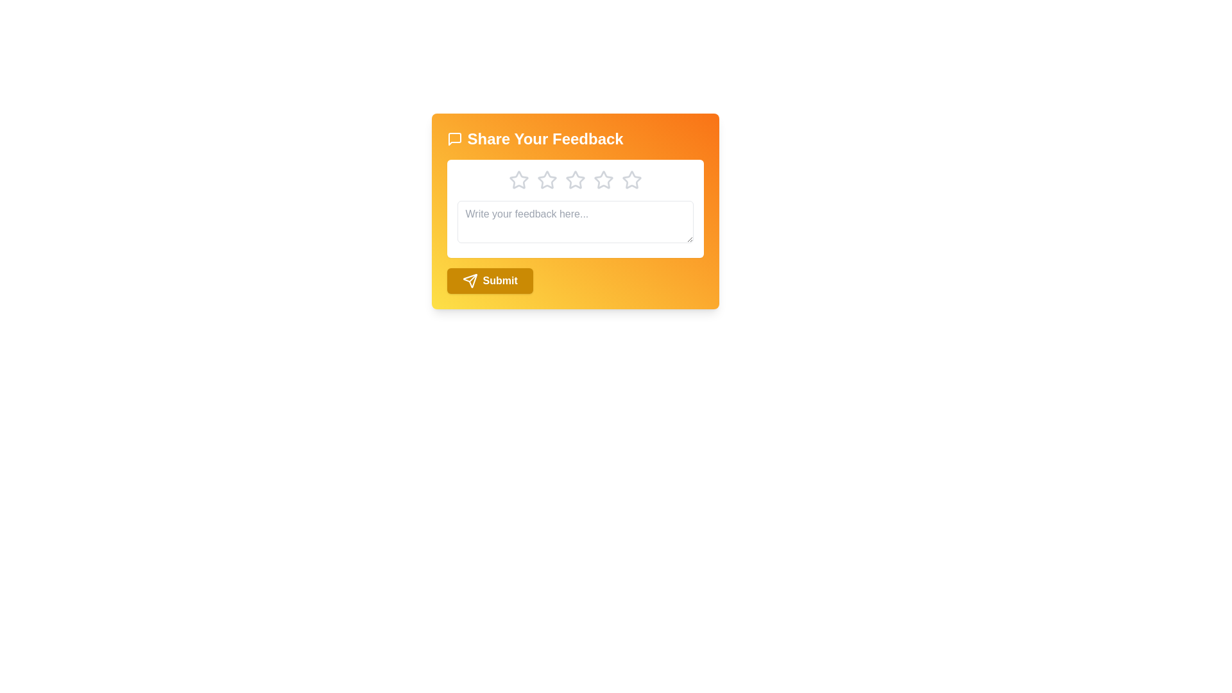 Image resolution: width=1232 pixels, height=693 pixels. What do you see at coordinates (469, 280) in the screenshot?
I see `the icon located within the Submit button at the bottom left of the feedback form` at bounding box center [469, 280].